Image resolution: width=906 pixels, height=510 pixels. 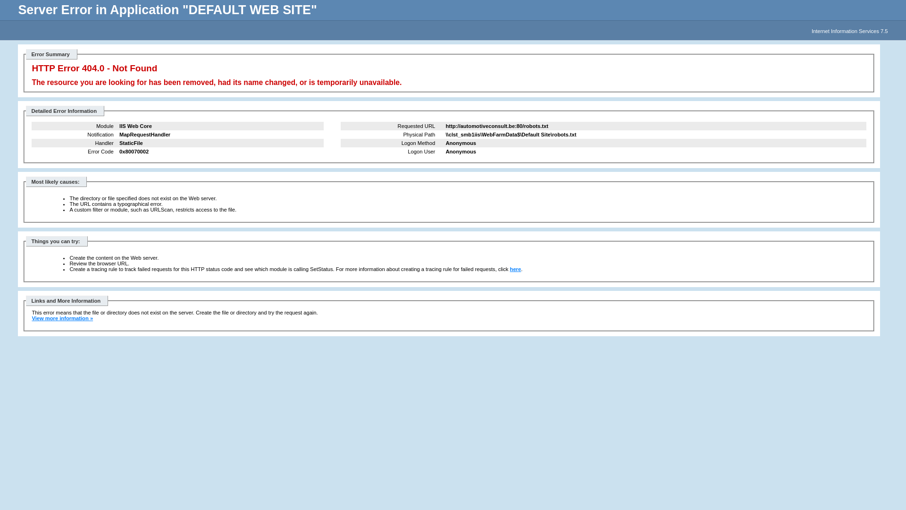 What do you see at coordinates (509, 269) in the screenshot?
I see `'here'` at bounding box center [509, 269].